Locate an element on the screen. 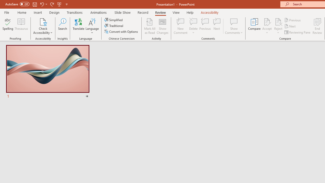 The image size is (325, 183). 'Thesaurus...' is located at coordinates (21, 26).